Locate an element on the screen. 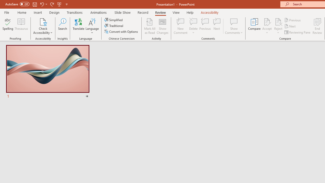 The image size is (325, 183). 'Thesaurus...' is located at coordinates (21, 26).